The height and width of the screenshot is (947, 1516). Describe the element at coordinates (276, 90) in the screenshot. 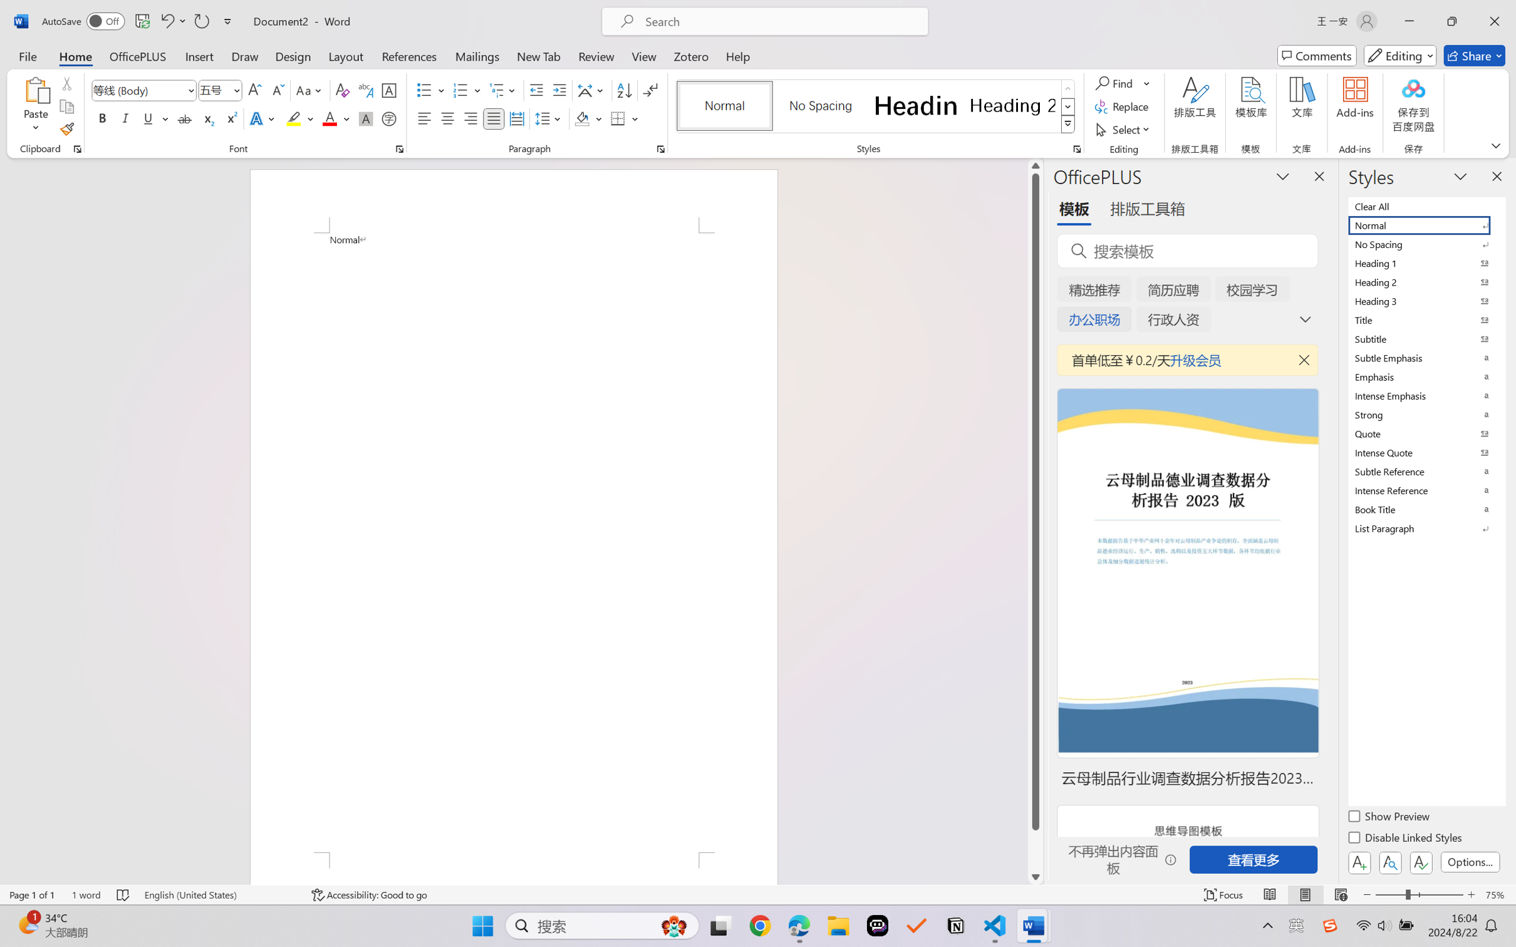

I see `'Shrink Font'` at that location.